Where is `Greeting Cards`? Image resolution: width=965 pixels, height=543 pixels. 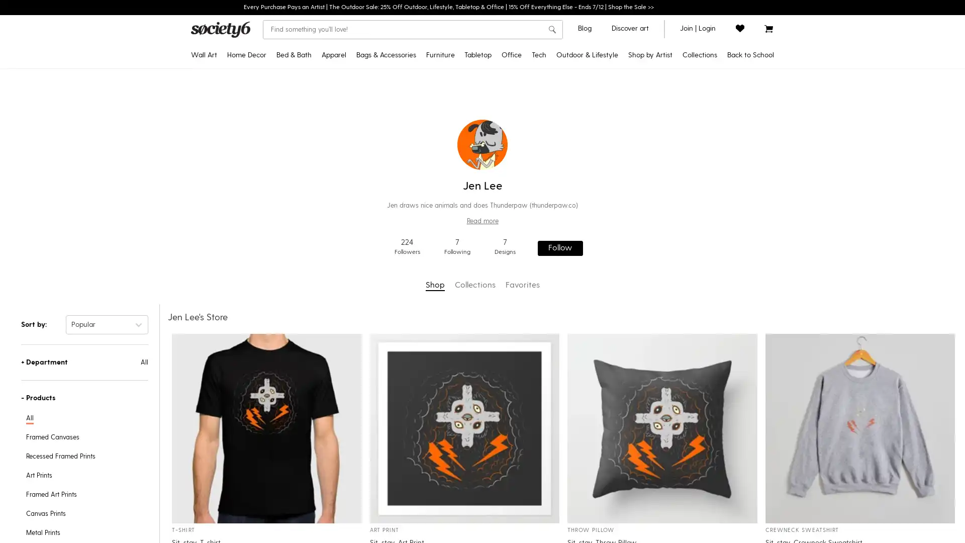 Greeting Cards is located at coordinates (536, 227).